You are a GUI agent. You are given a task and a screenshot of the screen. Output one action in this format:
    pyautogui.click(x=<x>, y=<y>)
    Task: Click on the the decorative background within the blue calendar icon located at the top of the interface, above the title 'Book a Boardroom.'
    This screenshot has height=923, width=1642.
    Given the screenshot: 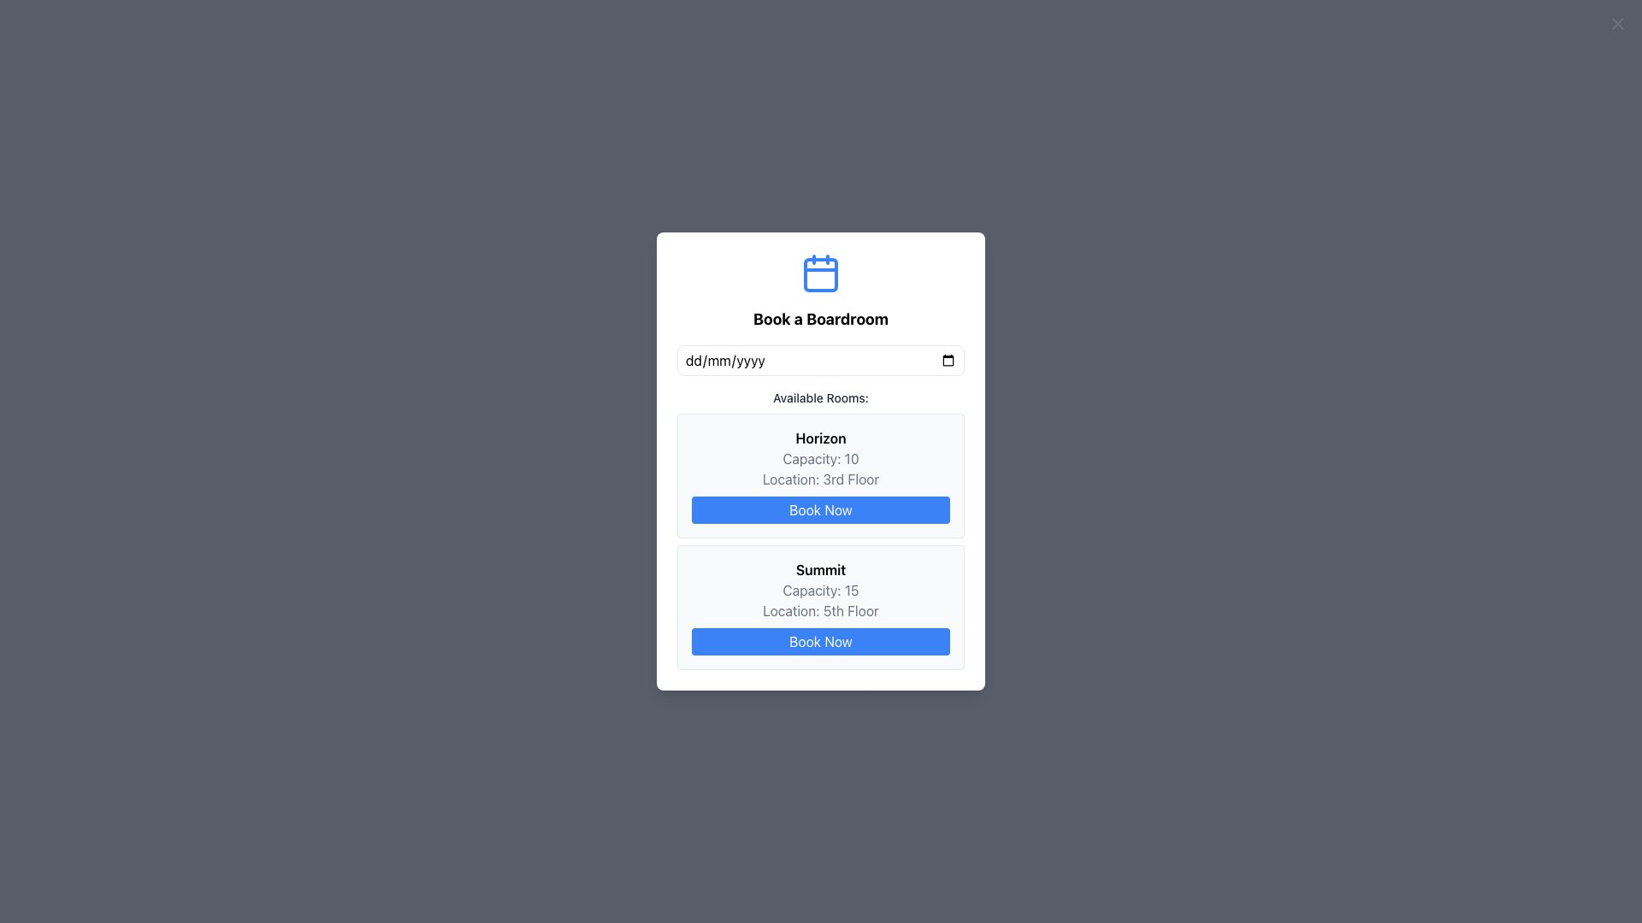 What is the action you would take?
    pyautogui.click(x=821, y=273)
    